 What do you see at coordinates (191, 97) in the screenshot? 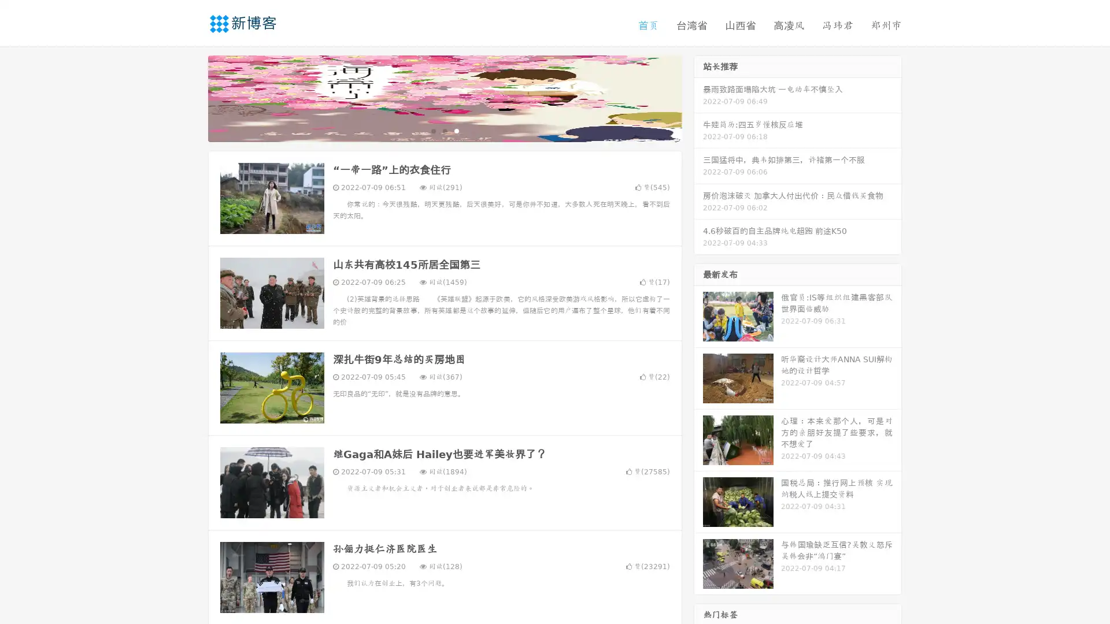
I see `Previous slide` at bounding box center [191, 97].